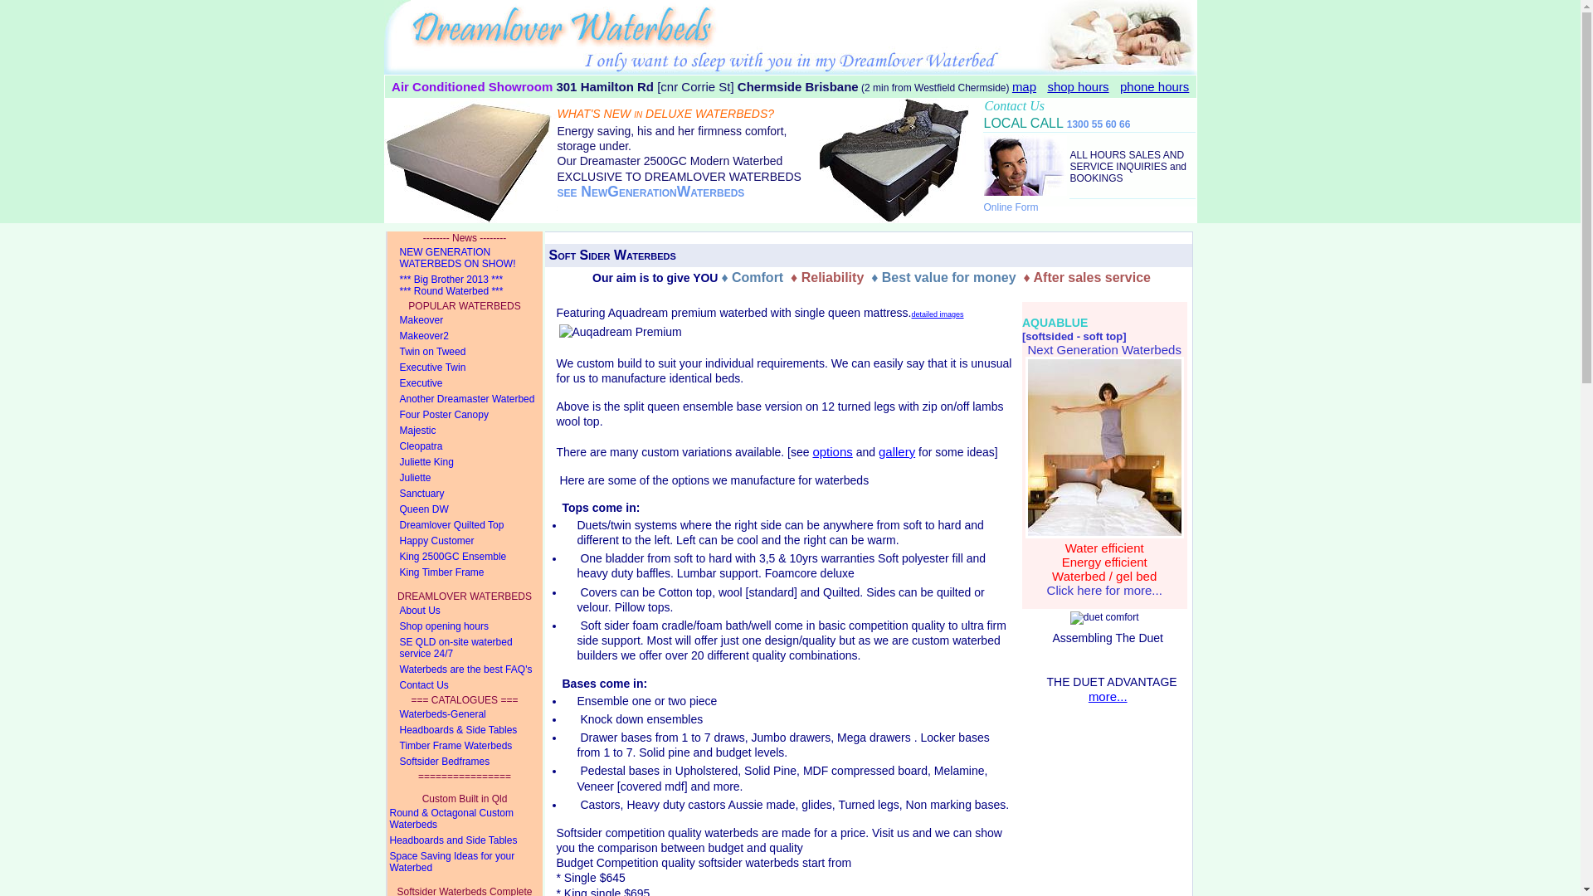 This screenshot has height=896, width=1593. I want to click on 'Space Saving Ideas for your Waterbed', so click(464, 861).